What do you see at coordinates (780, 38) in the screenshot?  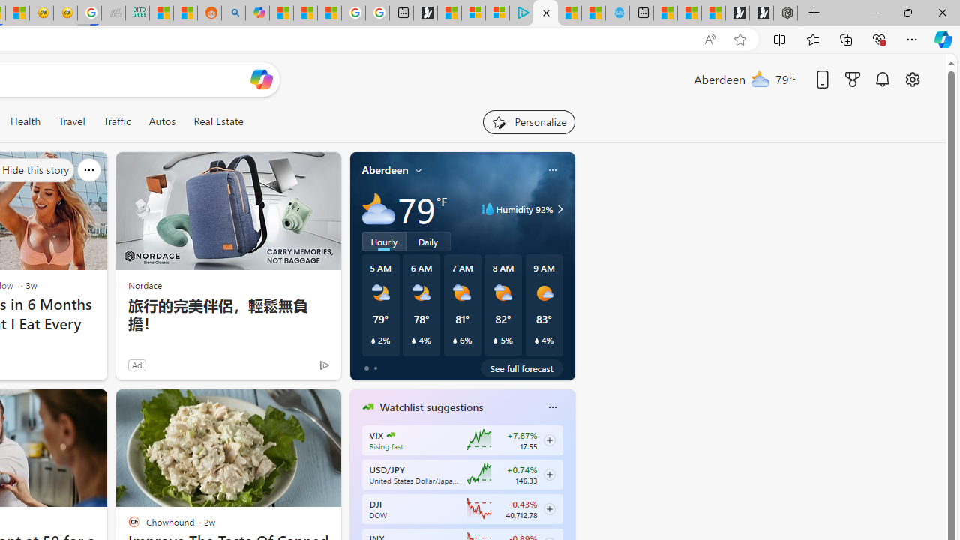 I see `'Split screen'` at bounding box center [780, 38].